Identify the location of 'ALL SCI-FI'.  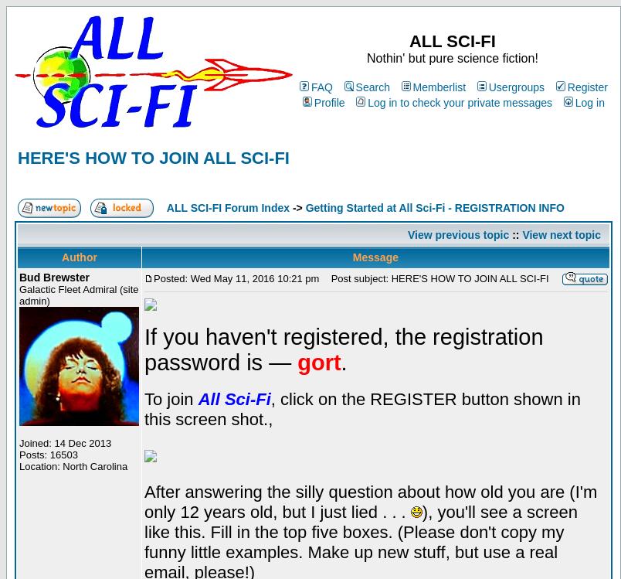
(450, 40).